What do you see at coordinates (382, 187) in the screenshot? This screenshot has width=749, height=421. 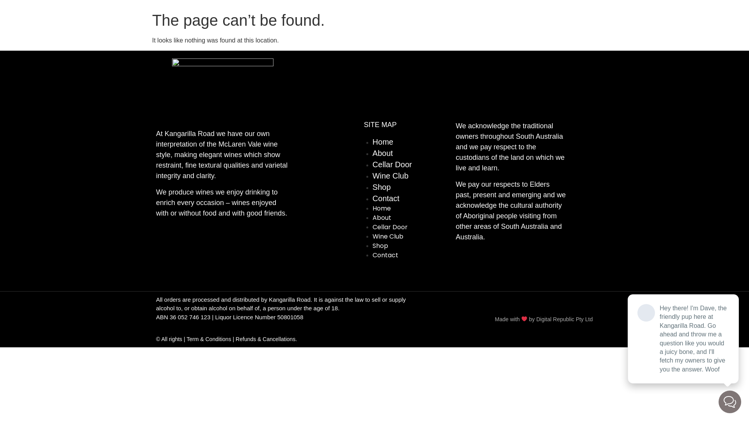 I see `'Shop'` at bounding box center [382, 187].